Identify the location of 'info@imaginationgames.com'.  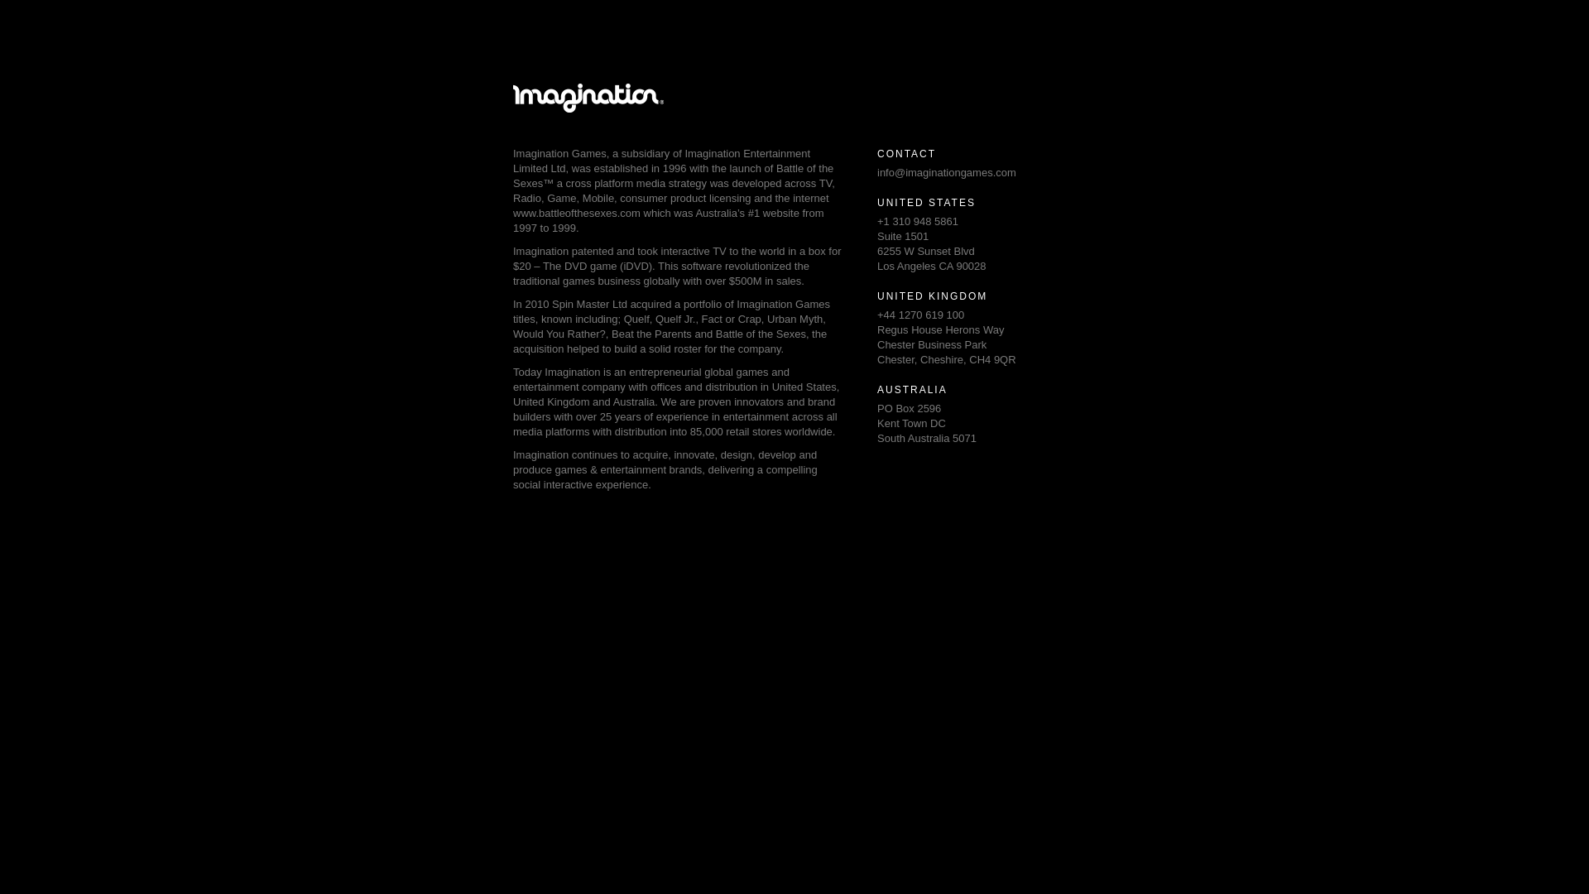
(876, 172).